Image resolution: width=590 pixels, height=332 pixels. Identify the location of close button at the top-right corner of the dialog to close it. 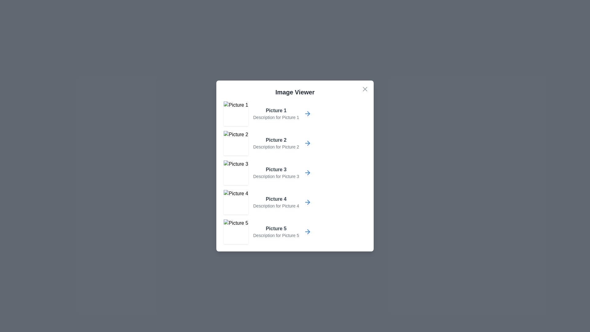
(365, 89).